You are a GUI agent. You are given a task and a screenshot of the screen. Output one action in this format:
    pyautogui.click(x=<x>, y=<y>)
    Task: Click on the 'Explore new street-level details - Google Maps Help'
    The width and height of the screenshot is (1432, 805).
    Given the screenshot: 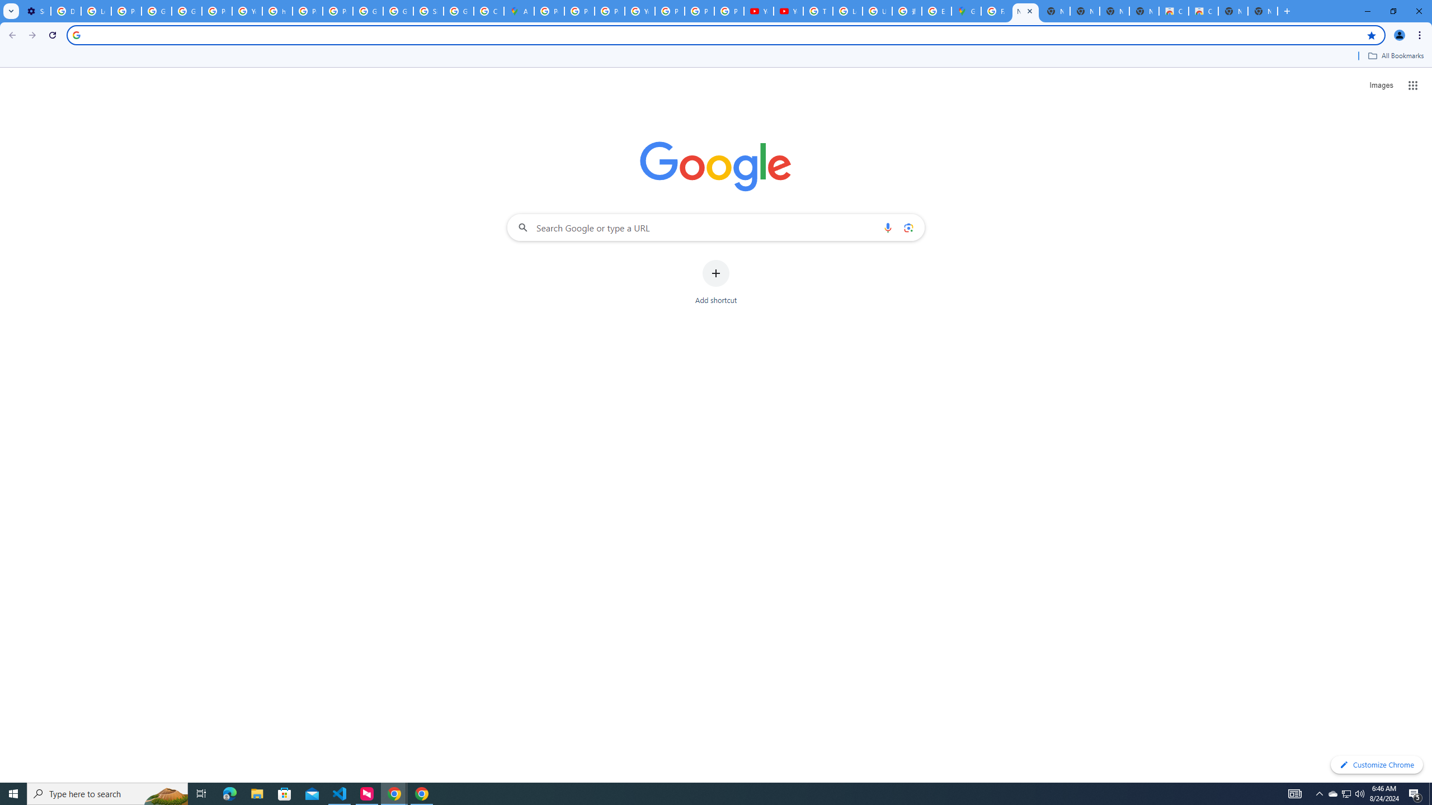 What is the action you would take?
    pyautogui.click(x=936, y=11)
    